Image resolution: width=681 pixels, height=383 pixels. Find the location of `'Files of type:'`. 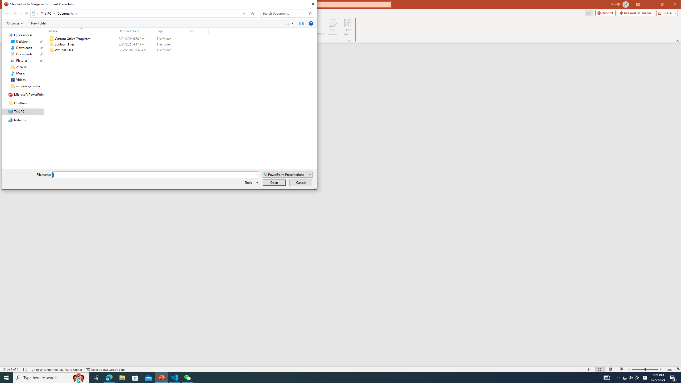

'Files of type:' is located at coordinates (287, 174).